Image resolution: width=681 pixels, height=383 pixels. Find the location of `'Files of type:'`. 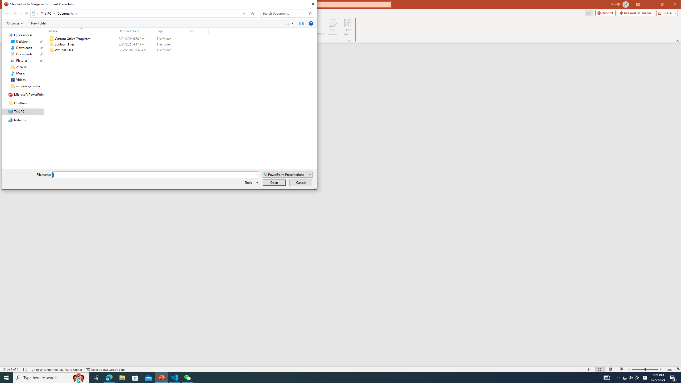

'Files of type:' is located at coordinates (287, 174).